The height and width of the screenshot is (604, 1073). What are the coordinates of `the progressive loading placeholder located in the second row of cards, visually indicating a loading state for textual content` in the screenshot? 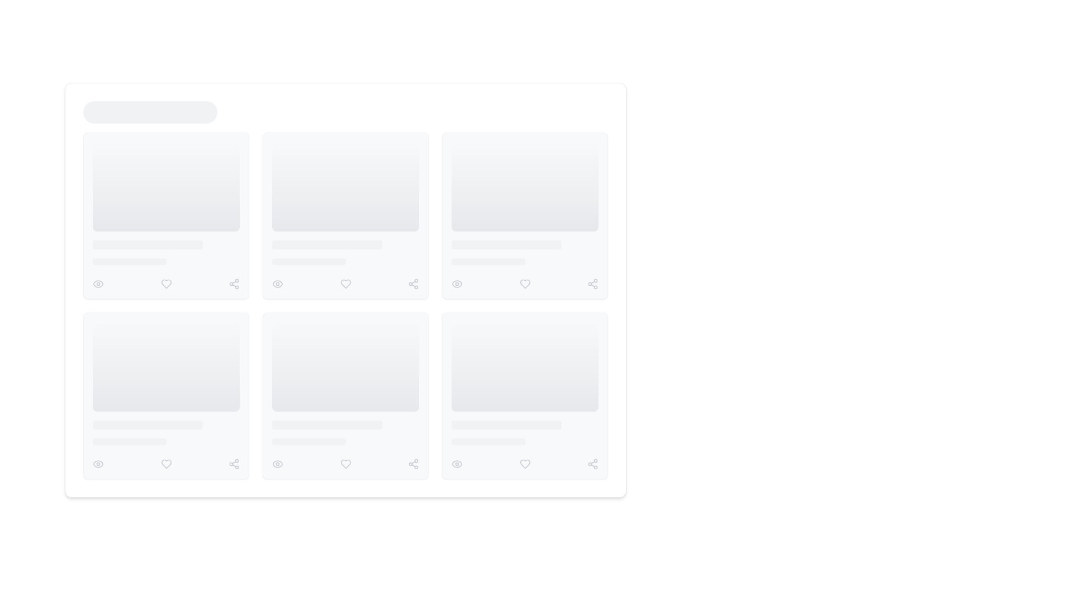 It's located at (326, 424).